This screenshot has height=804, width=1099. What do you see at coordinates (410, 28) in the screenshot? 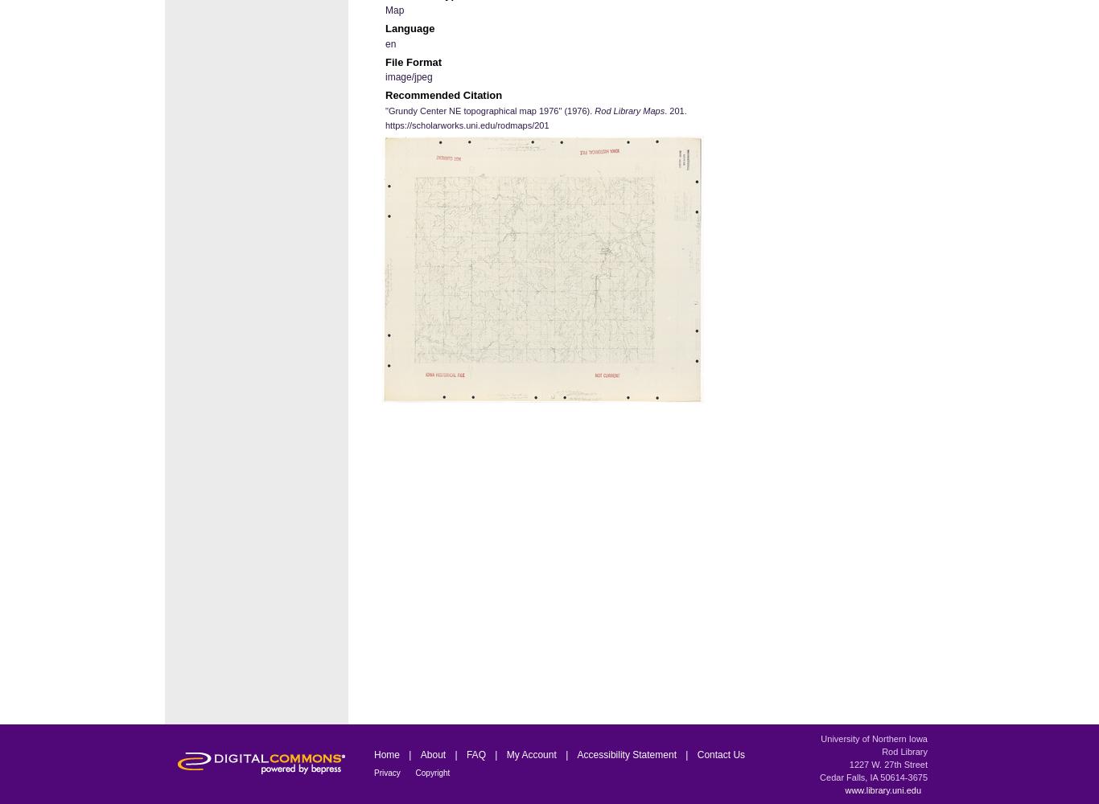
I see `'Language'` at bounding box center [410, 28].